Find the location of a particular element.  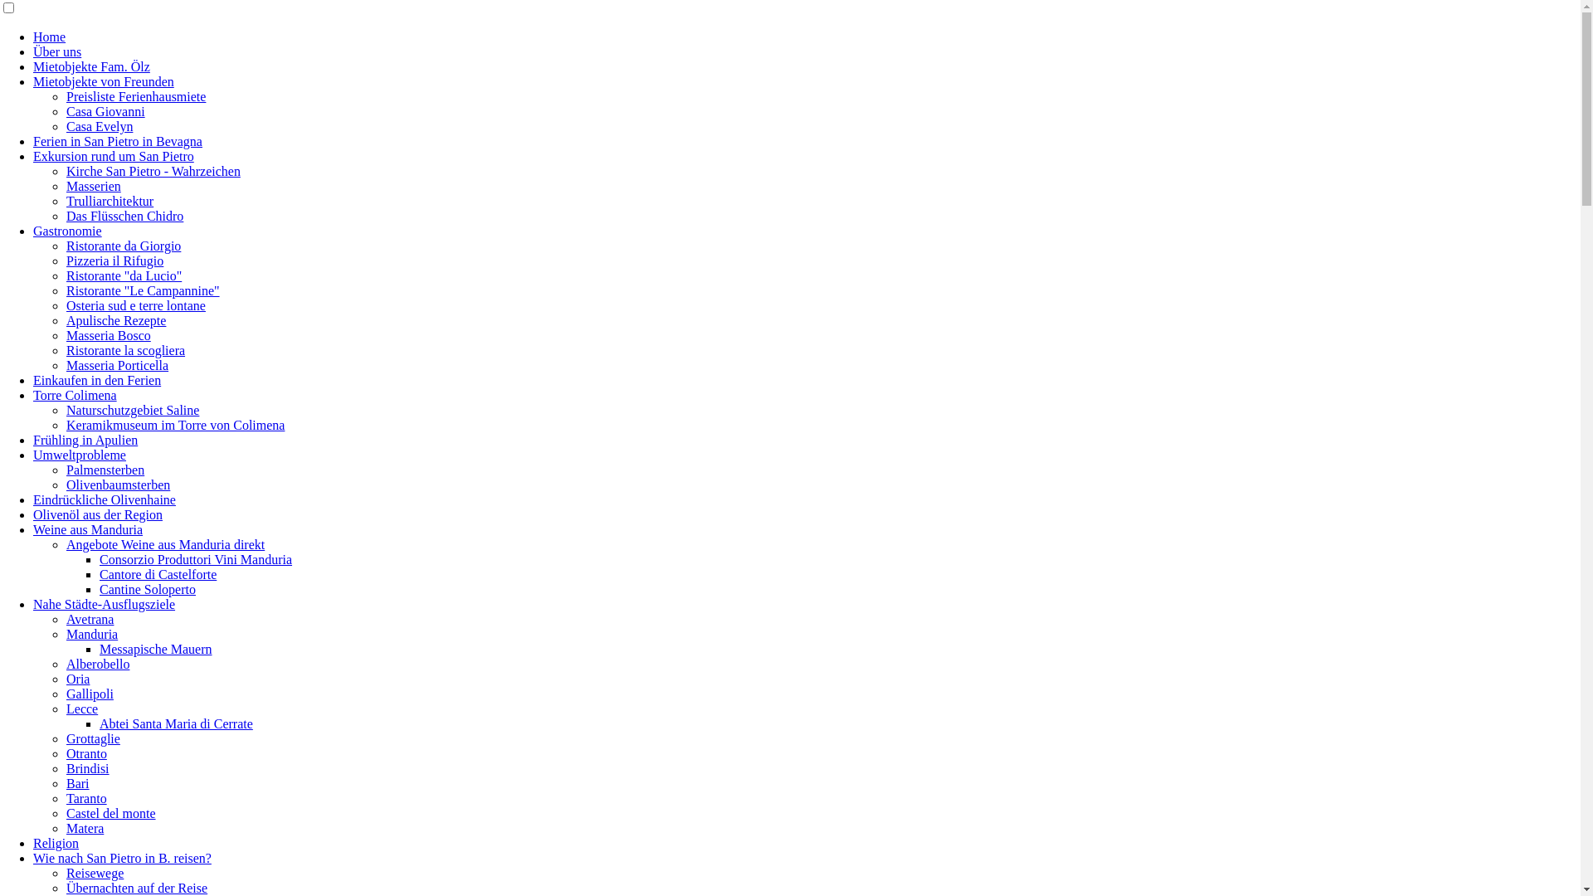

'Palmensterben' is located at coordinates (104, 470).